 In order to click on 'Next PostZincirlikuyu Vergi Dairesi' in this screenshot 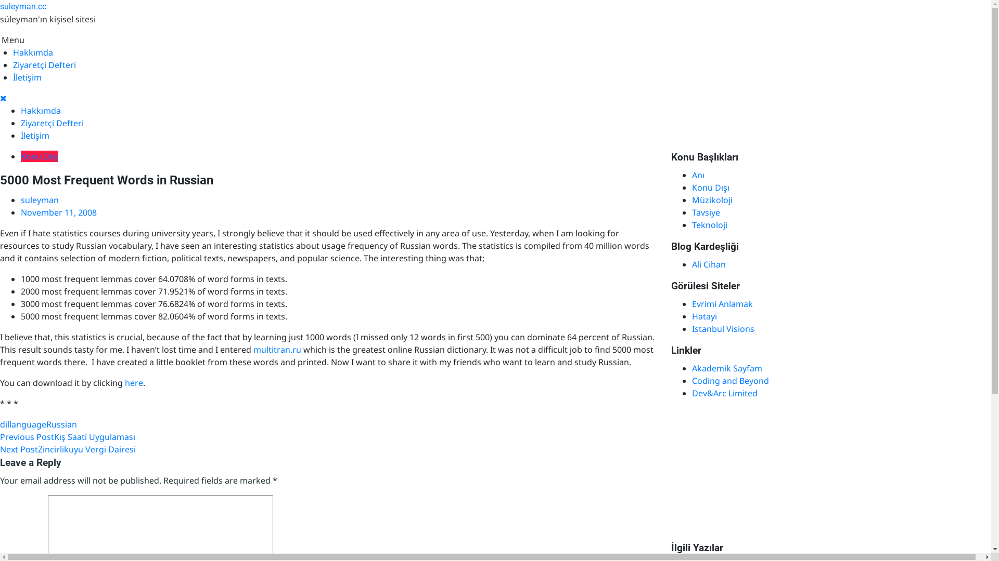, I will do `click(67, 448)`.